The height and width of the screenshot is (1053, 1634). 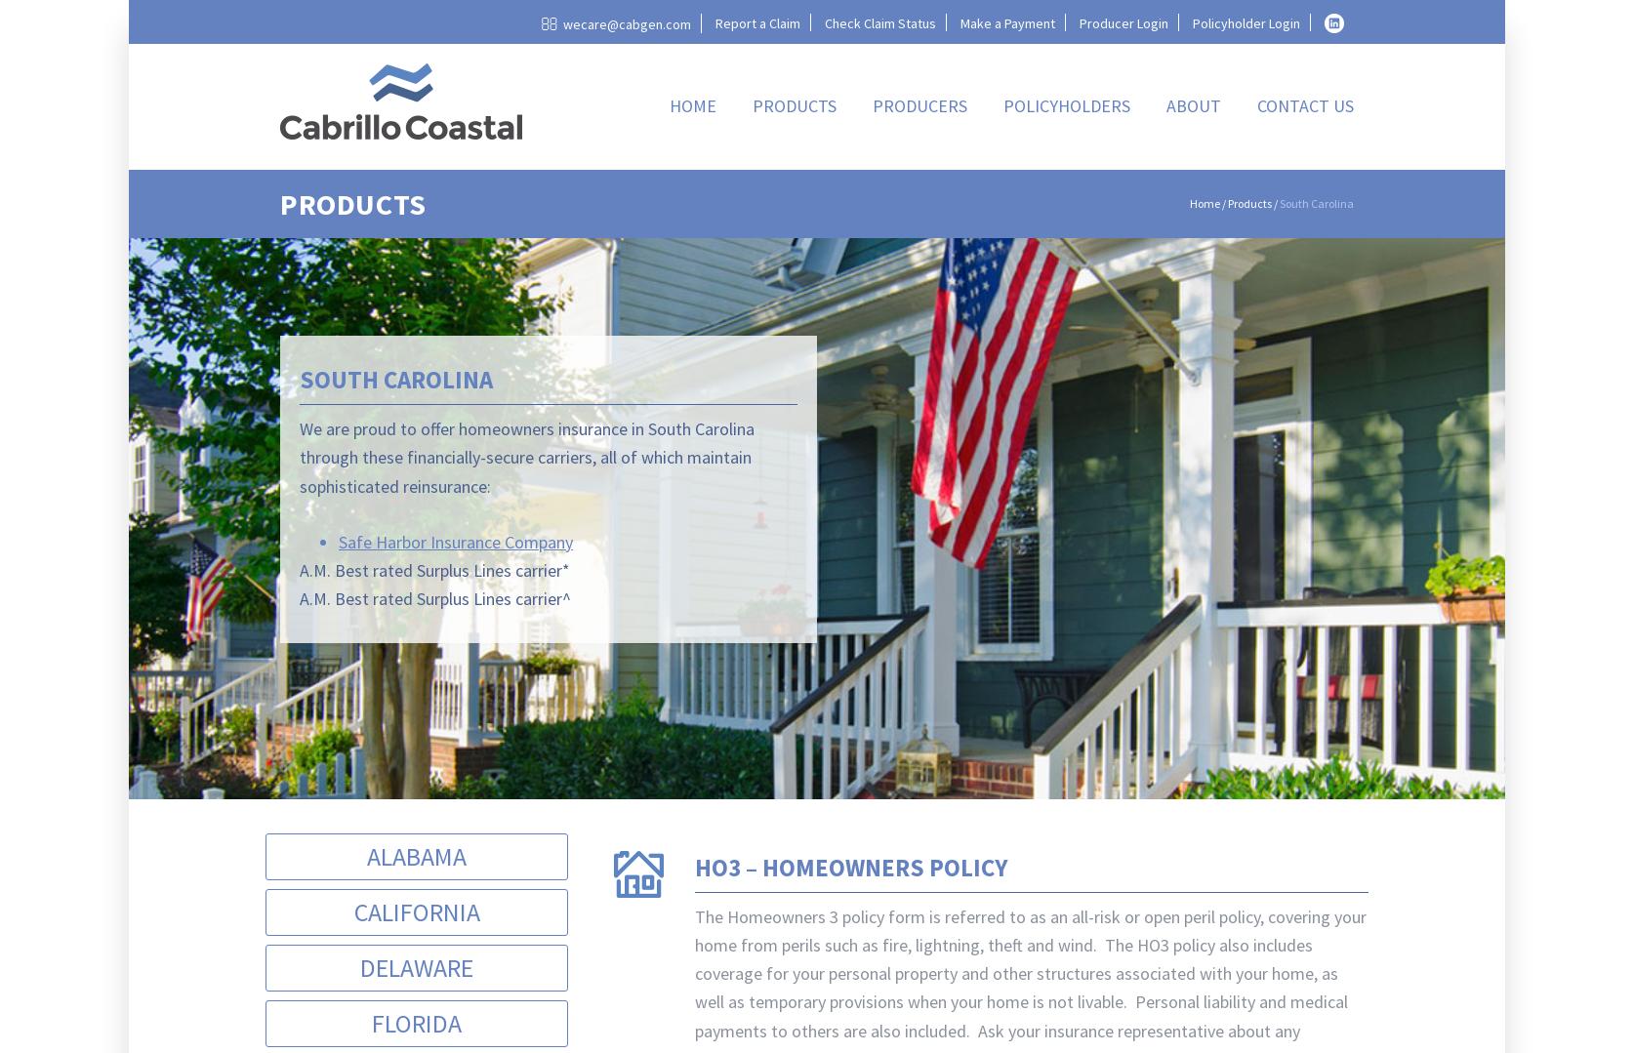 I want to click on 'HO3 – Homeowners Policy', so click(x=693, y=866).